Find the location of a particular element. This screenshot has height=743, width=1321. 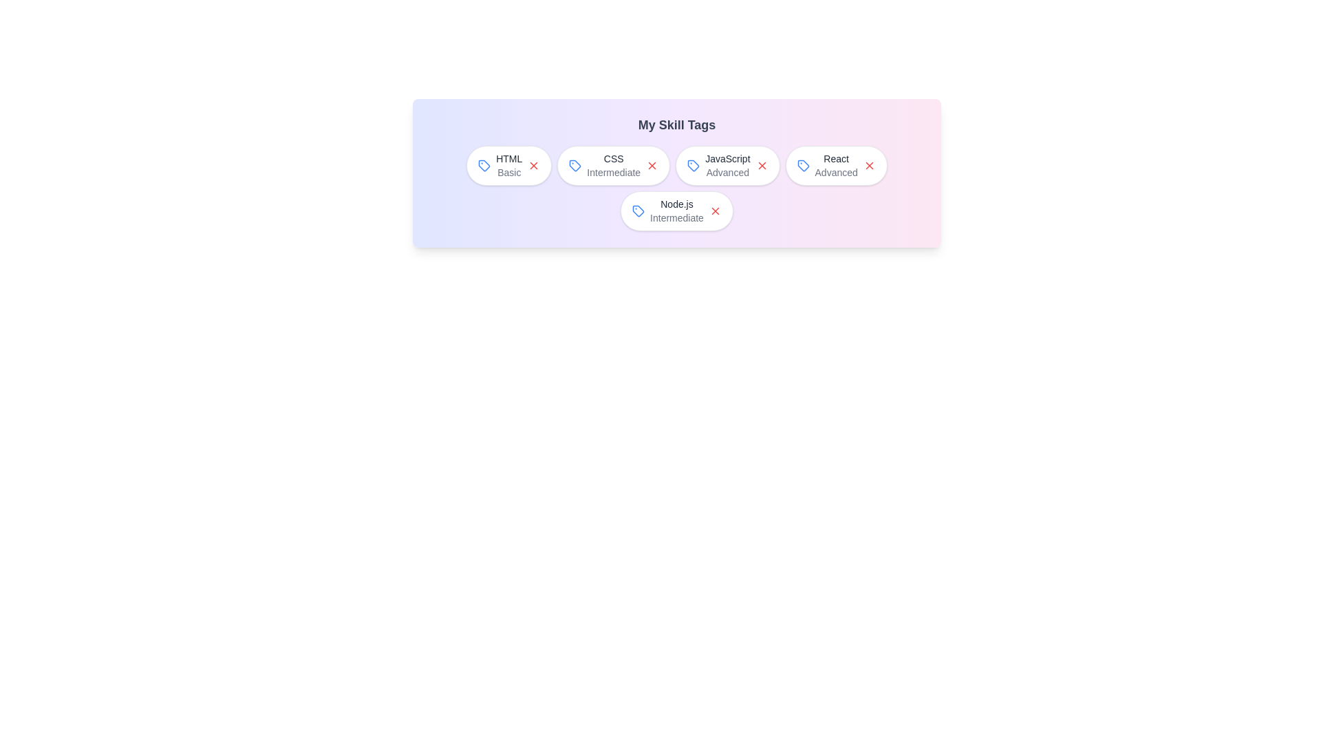

the tag icon next to the skill JavaScript is located at coordinates (694, 164).